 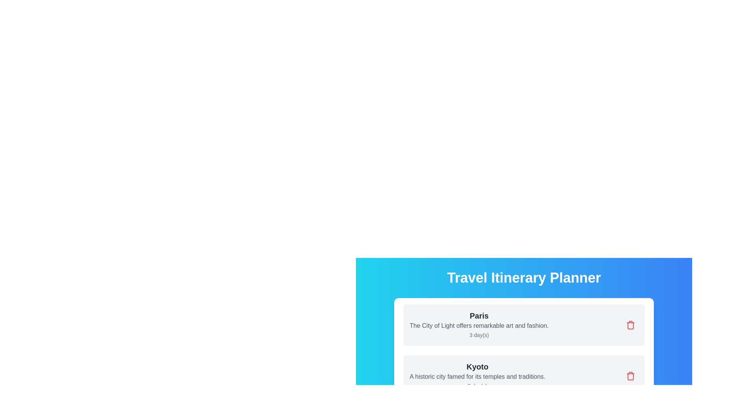 I want to click on the compact, rectangular card titled 'Kyoto' with a light gray background, located below the 'Paris' card in the vertical itinerary list, so click(x=524, y=376).